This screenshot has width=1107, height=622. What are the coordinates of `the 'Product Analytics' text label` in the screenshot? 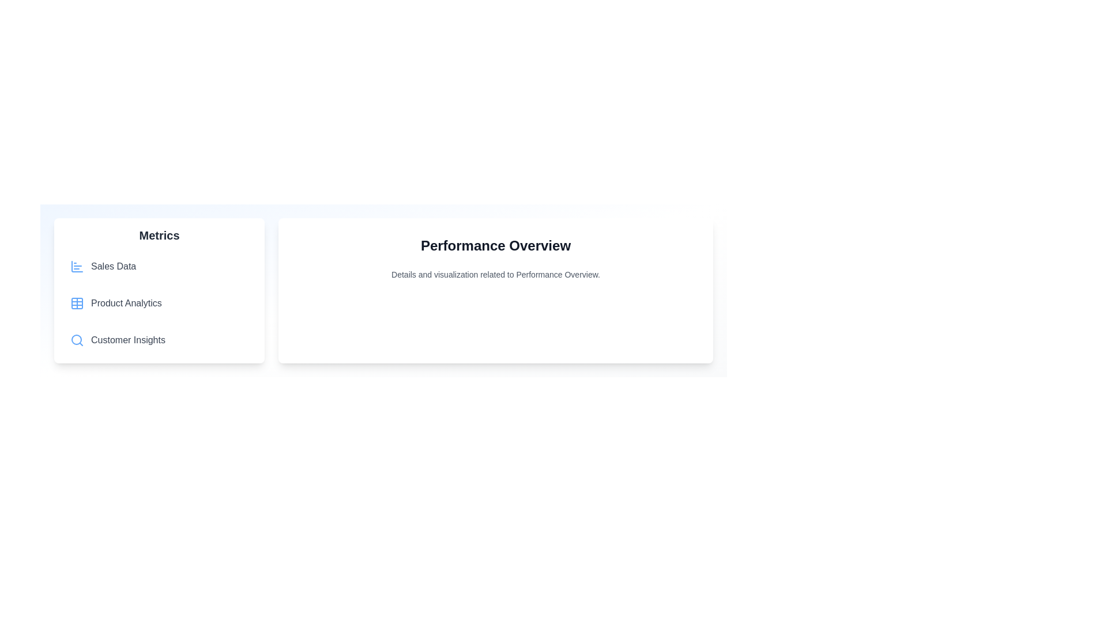 It's located at (126, 303).